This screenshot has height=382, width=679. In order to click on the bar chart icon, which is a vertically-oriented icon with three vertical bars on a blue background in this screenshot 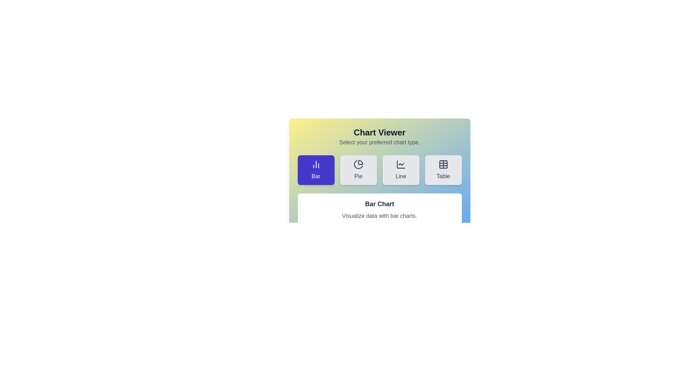, I will do `click(315, 164)`.